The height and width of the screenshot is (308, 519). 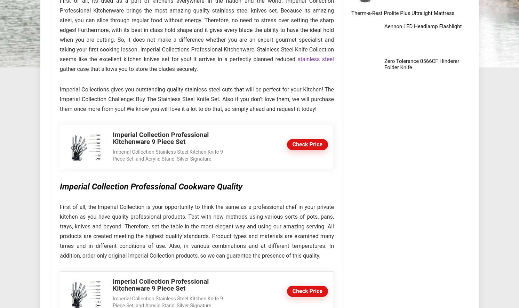 I want to click on 'Imperial Collection Stainless Steel Kitchen Knife 9 Piece Set, and Acrylic Stand, Silver Signature', so click(x=113, y=155).